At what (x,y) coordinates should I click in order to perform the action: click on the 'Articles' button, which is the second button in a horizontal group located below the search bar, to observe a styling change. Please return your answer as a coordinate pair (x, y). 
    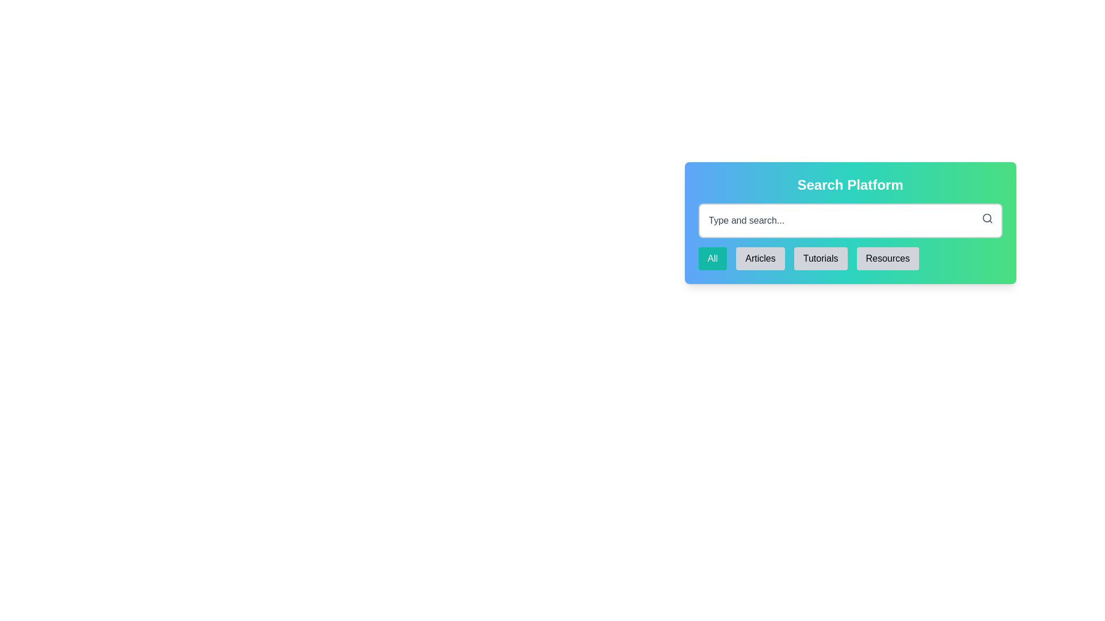
    Looking at the image, I should click on (760, 259).